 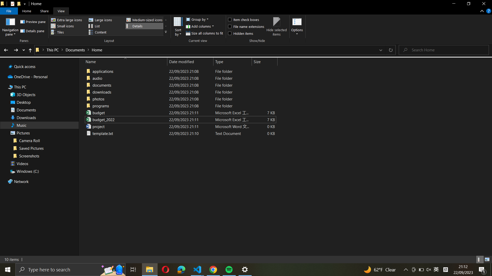 What do you see at coordinates (149, 269) in the screenshot?
I see `Shrink the window using the icon` at bounding box center [149, 269].